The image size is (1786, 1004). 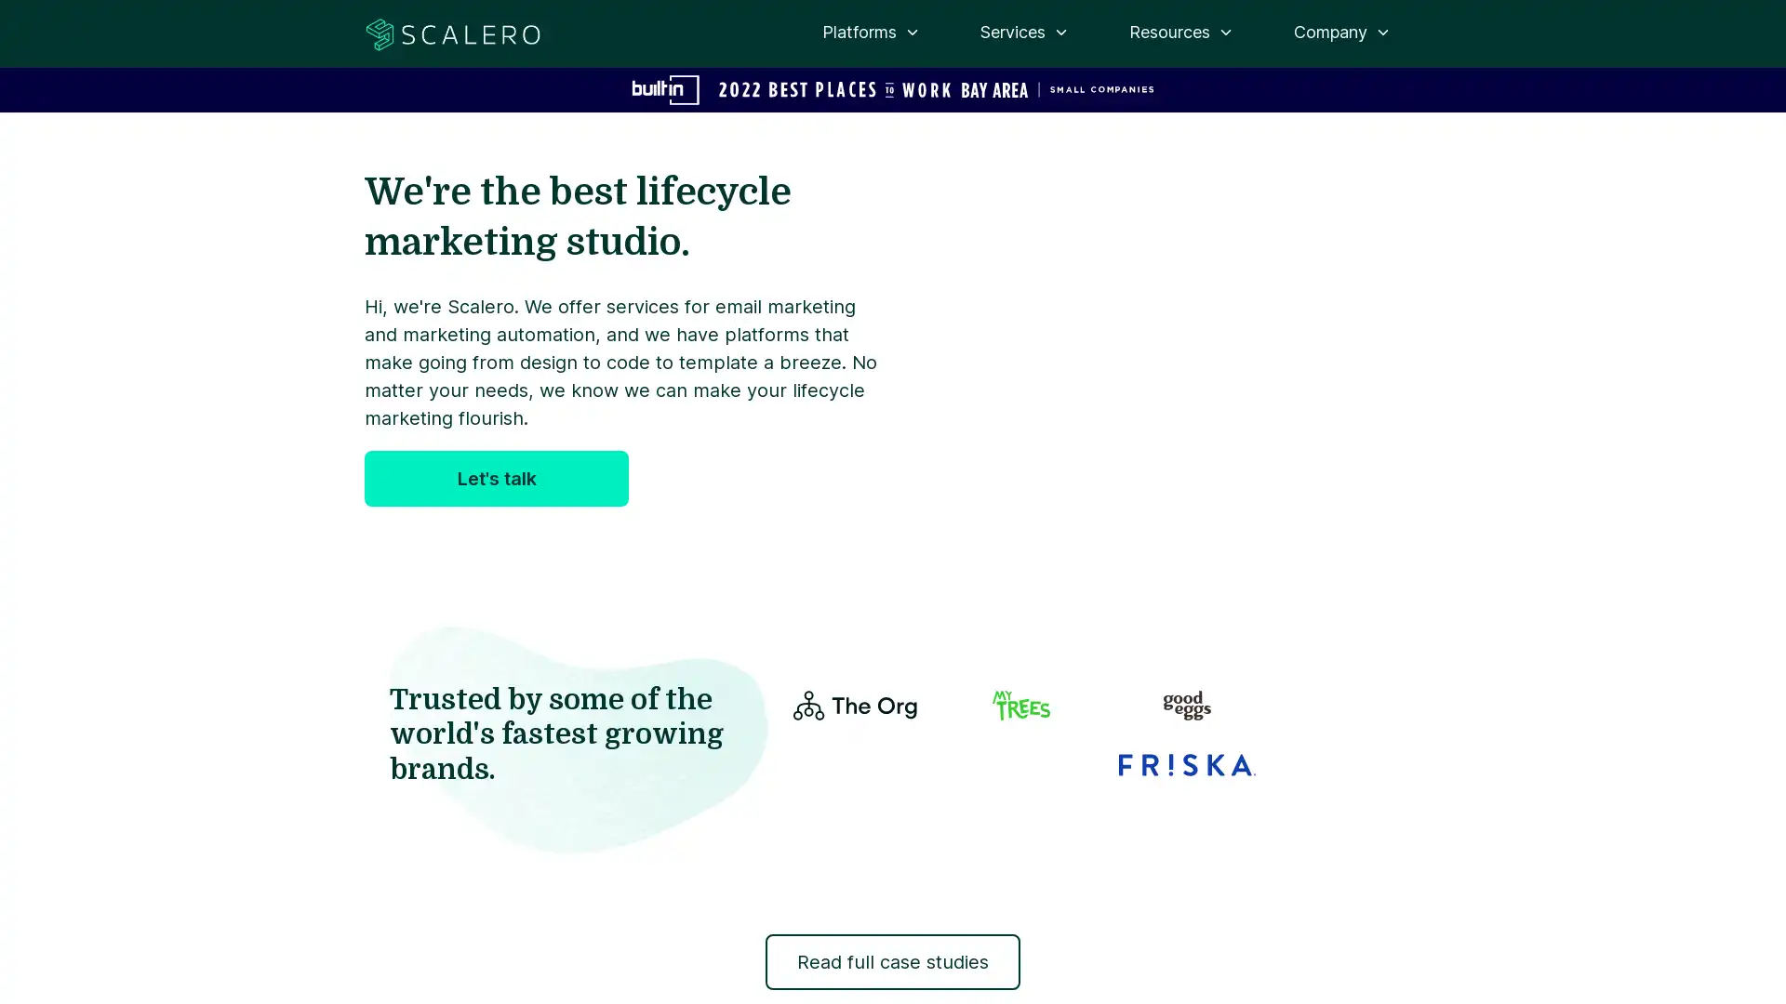 I want to click on Read full case studies, so click(x=893, y=961).